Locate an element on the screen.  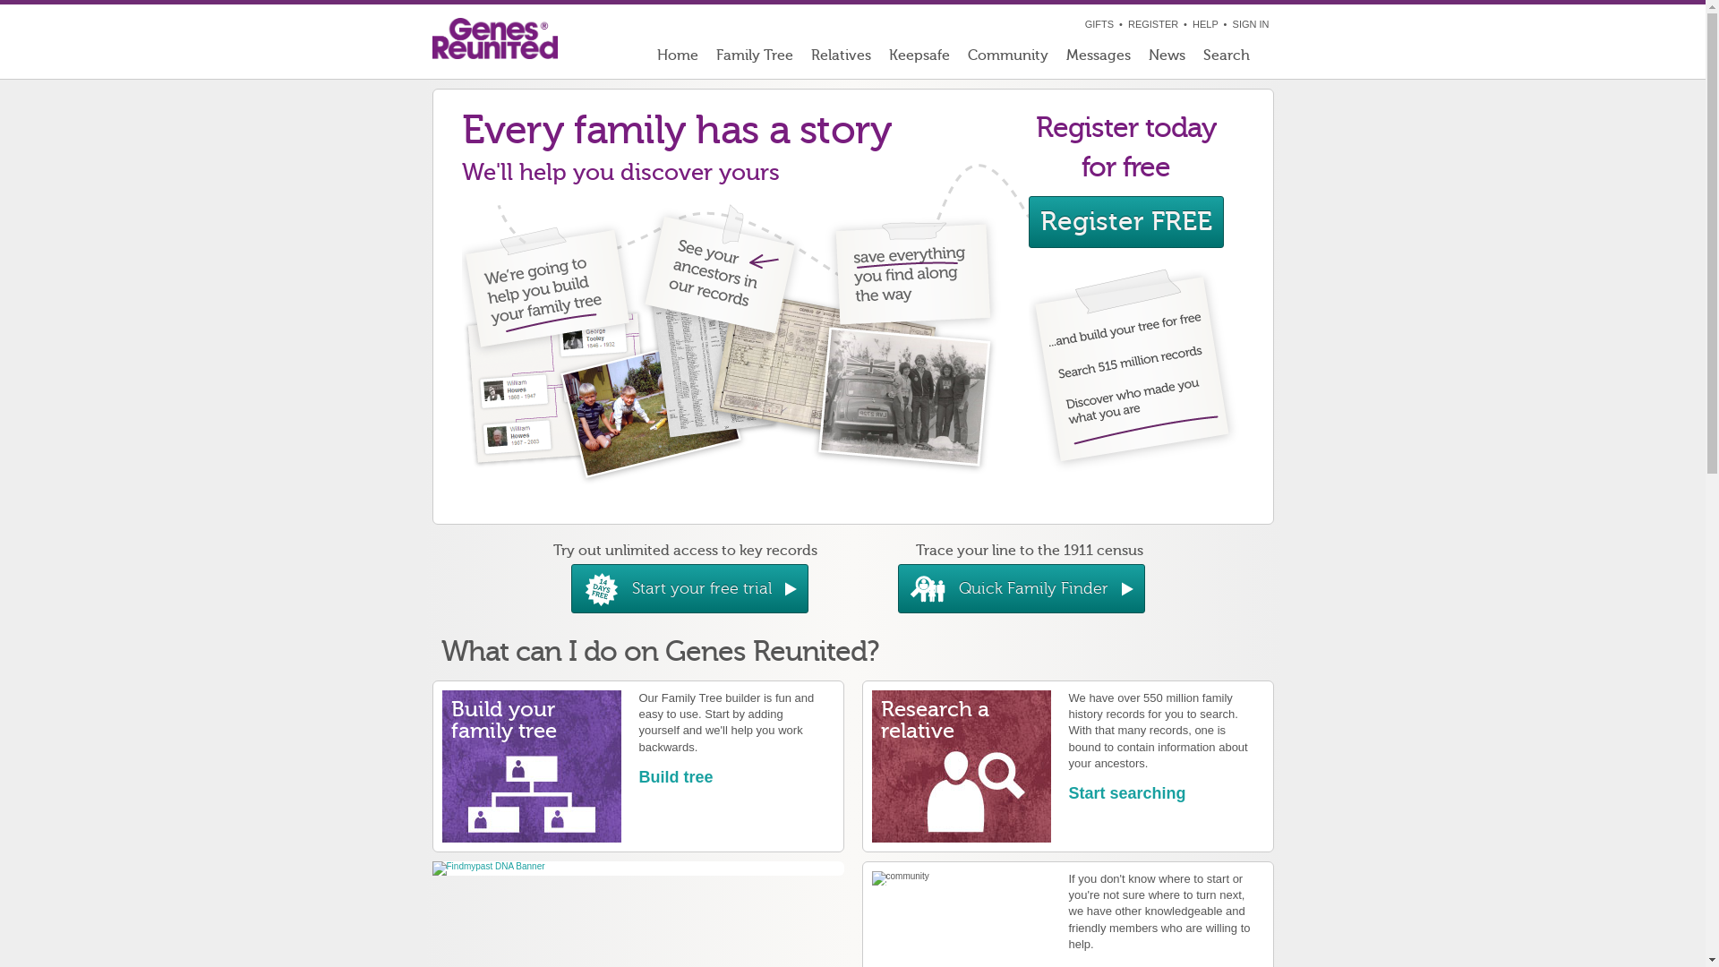
'Start your free trial' is located at coordinates (688, 588).